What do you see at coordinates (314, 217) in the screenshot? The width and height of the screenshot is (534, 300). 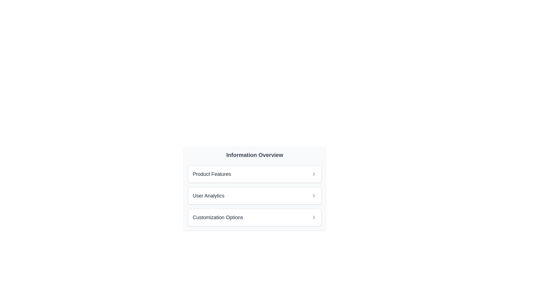 I see `the navigation or expansion icon located at the far-right end of the 'Customization Options' section` at bounding box center [314, 217].